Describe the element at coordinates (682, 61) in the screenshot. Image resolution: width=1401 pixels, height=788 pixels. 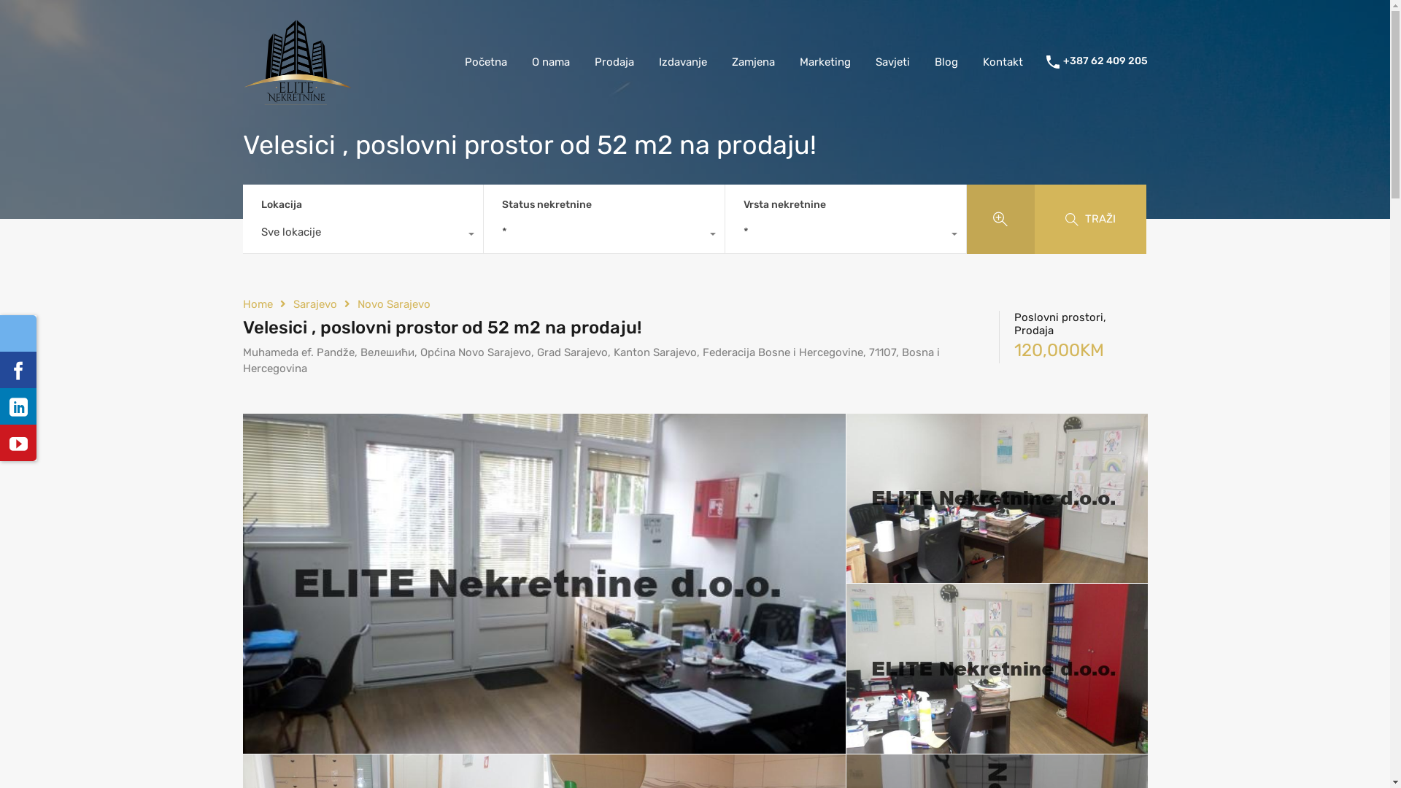
I see `'Izdavanje'` at that location.